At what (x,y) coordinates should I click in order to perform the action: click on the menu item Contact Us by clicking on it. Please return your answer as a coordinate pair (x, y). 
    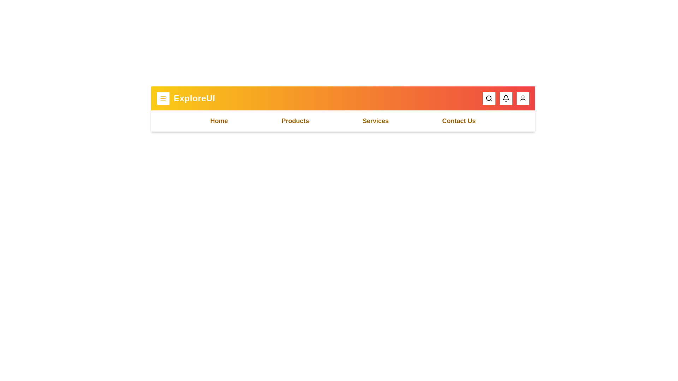
    Looking at the image, I should click on (459, 121).